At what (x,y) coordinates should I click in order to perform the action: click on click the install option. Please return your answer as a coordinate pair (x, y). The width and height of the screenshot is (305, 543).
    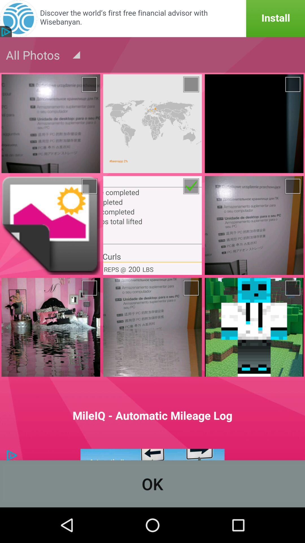
    Looking at the image, I should click on (152, 18).